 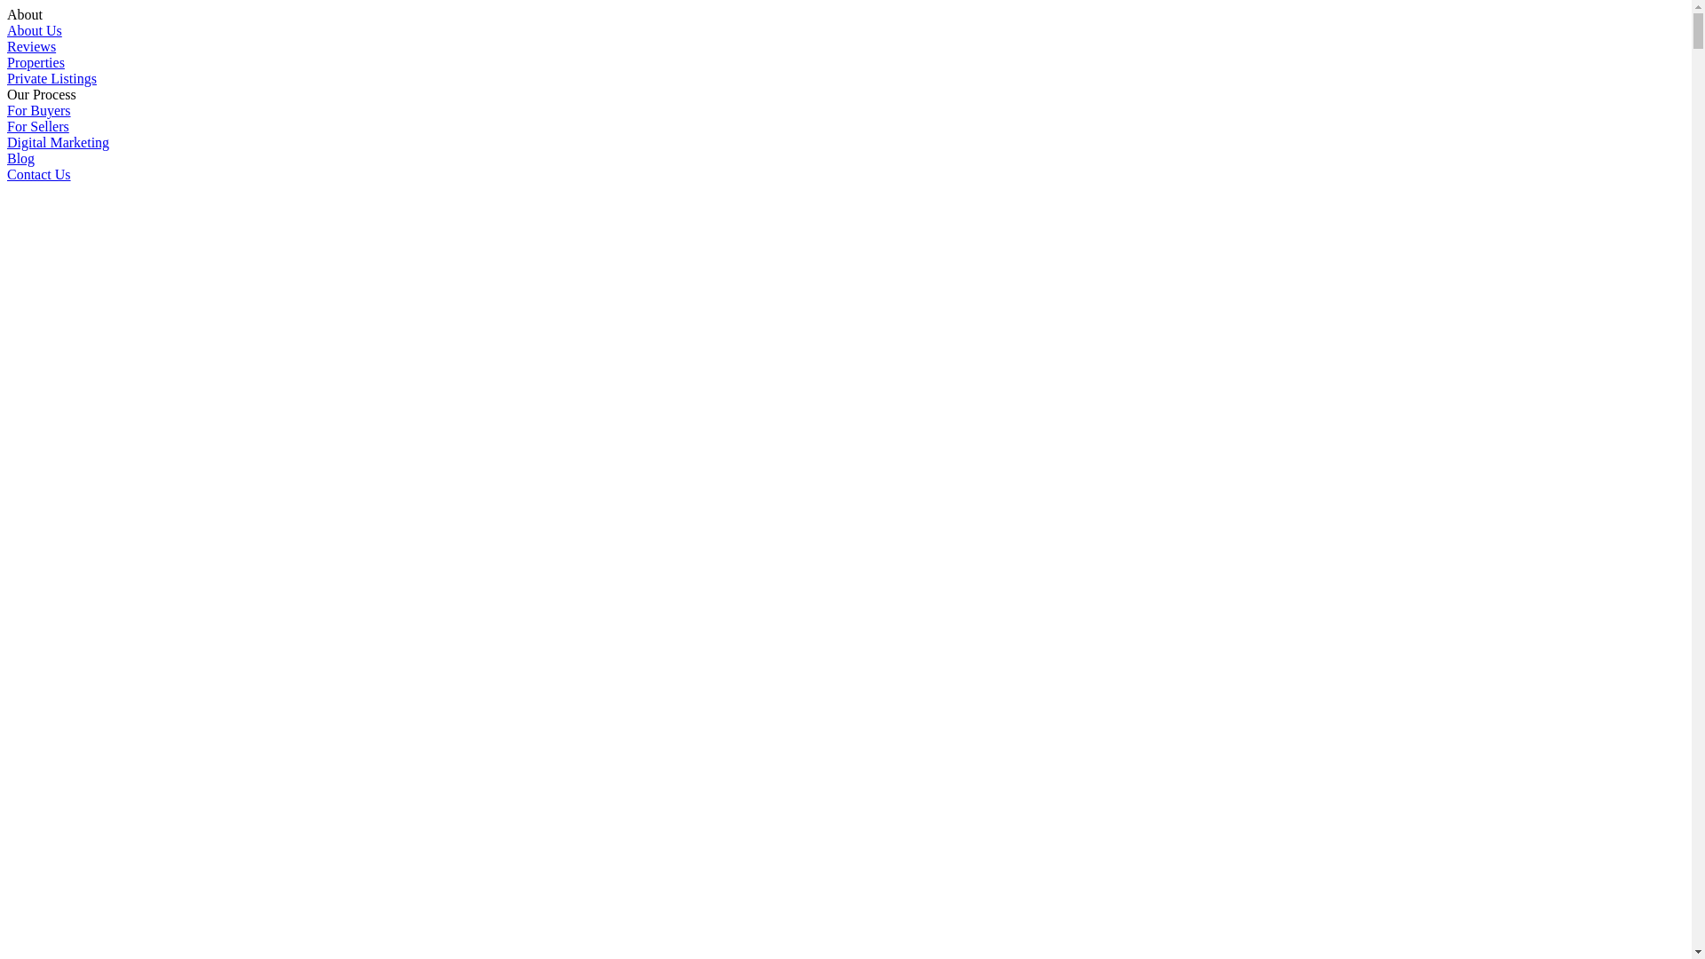 I want to click on 'About Us', so click(x=34, y=30).